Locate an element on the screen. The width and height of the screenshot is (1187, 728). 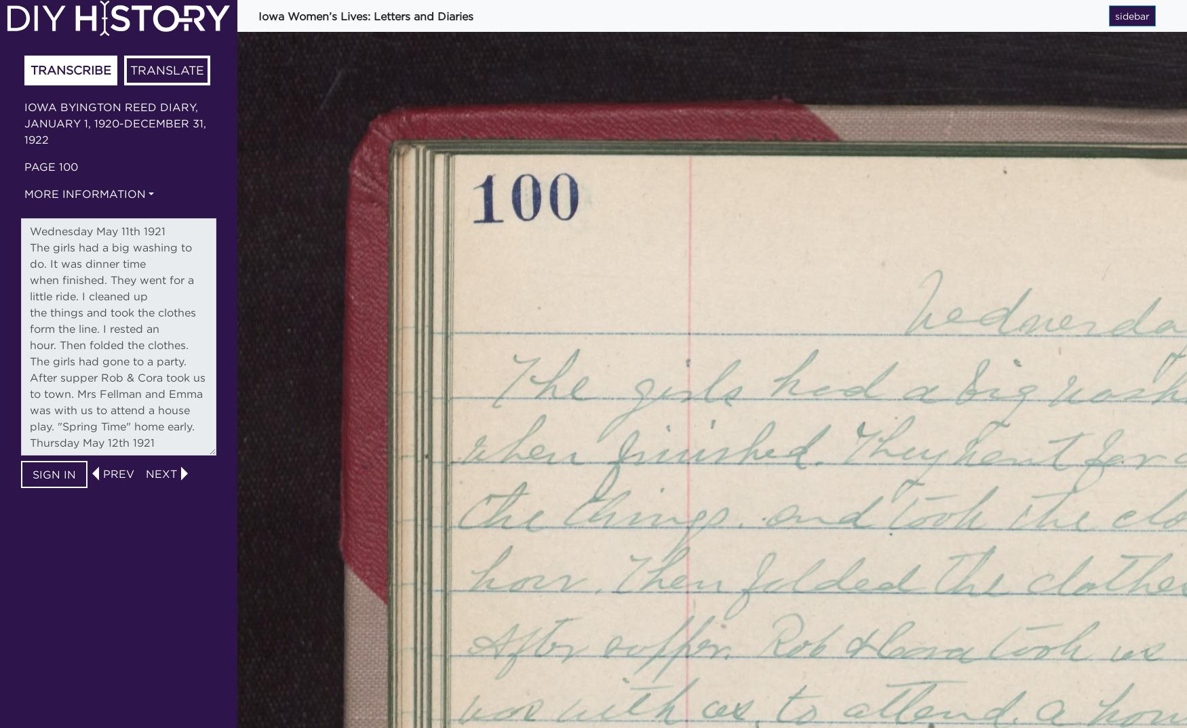
'Iowa Byington Reed diary,  January 1, 1920-December 31, 1922' is located at coordinates (114, 122).